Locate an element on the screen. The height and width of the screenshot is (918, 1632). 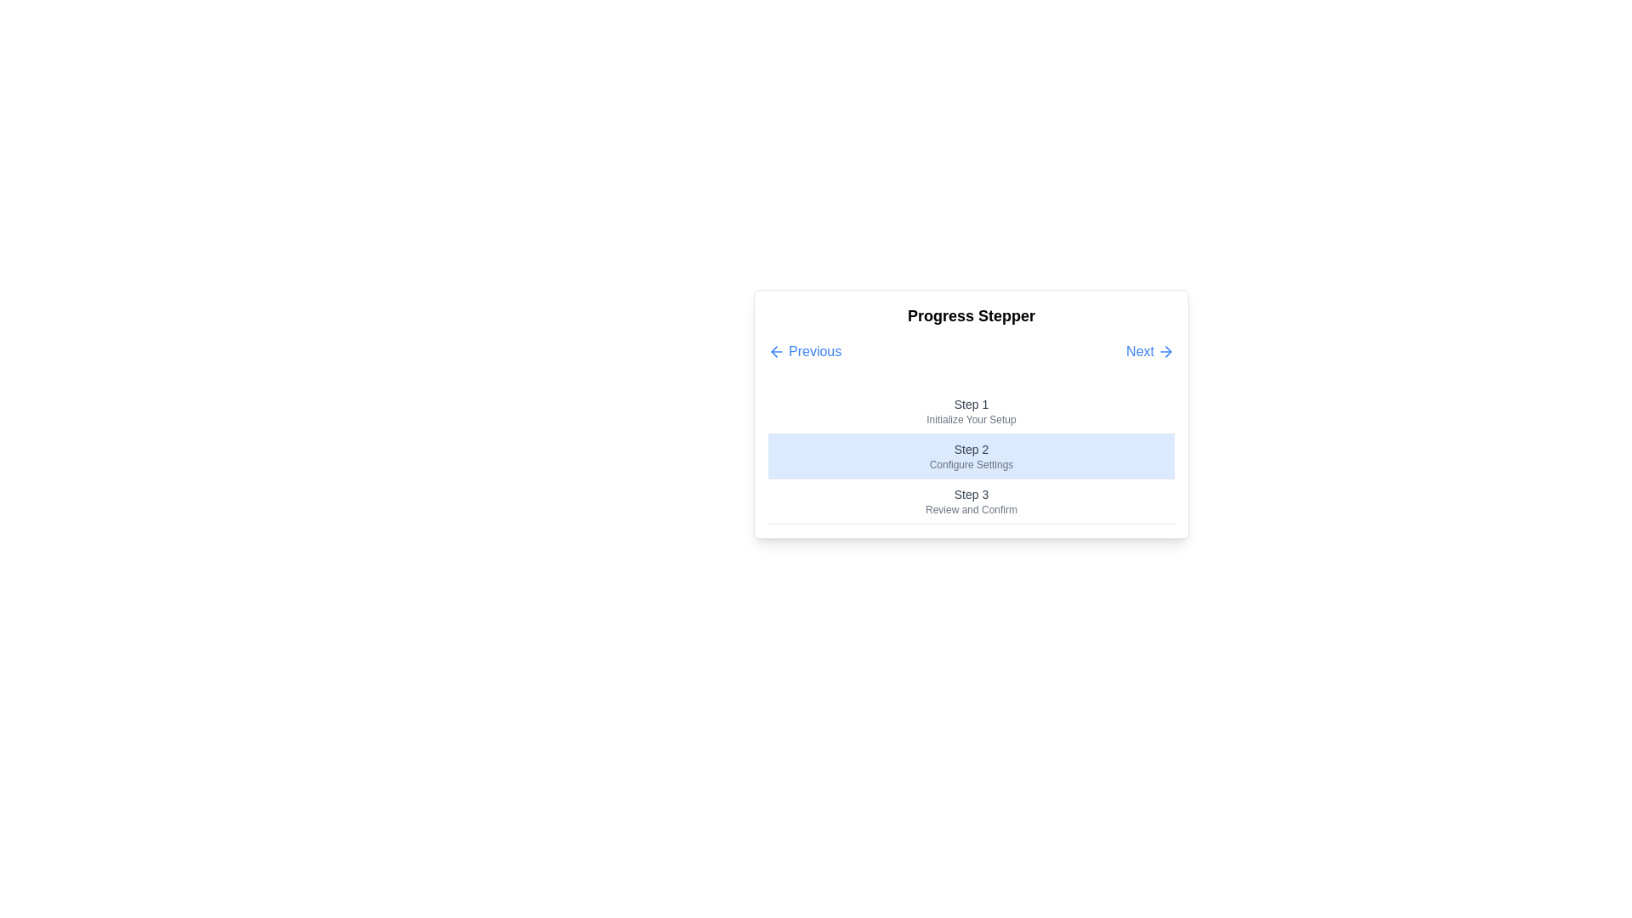
the right arrow icon located to the right of the 'Next' text in the progress stepper controls is located at coordinates (1165, 350).